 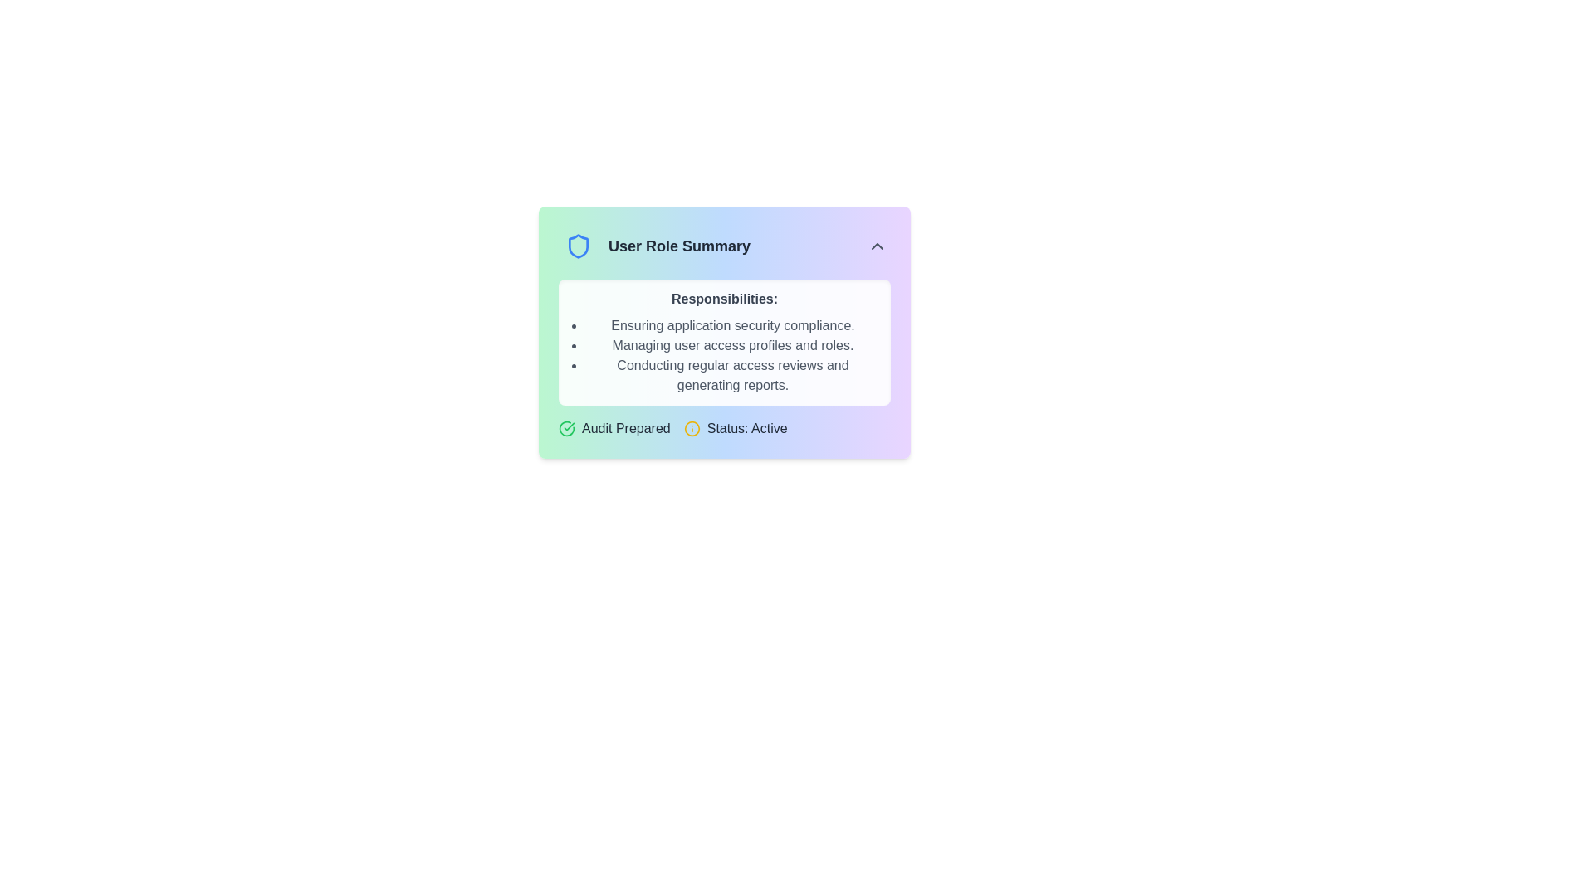 What do you see at coordinates (725, 246) in the screenshot?
I see `title text 'User Role Summary' from the Header section at the top of the card, which contains a blue shield icon and a chevron-up icon on the right` at bounding box center [725, 246].